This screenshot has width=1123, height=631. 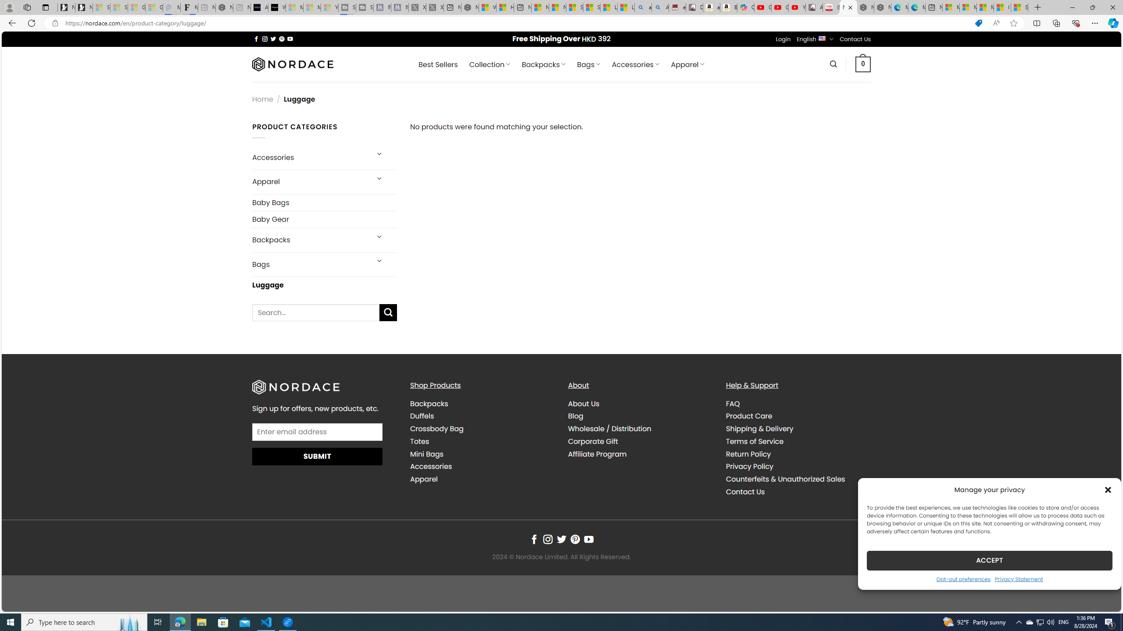 I want to click on 'Follow on Facebook', so click(x=533, y=540).